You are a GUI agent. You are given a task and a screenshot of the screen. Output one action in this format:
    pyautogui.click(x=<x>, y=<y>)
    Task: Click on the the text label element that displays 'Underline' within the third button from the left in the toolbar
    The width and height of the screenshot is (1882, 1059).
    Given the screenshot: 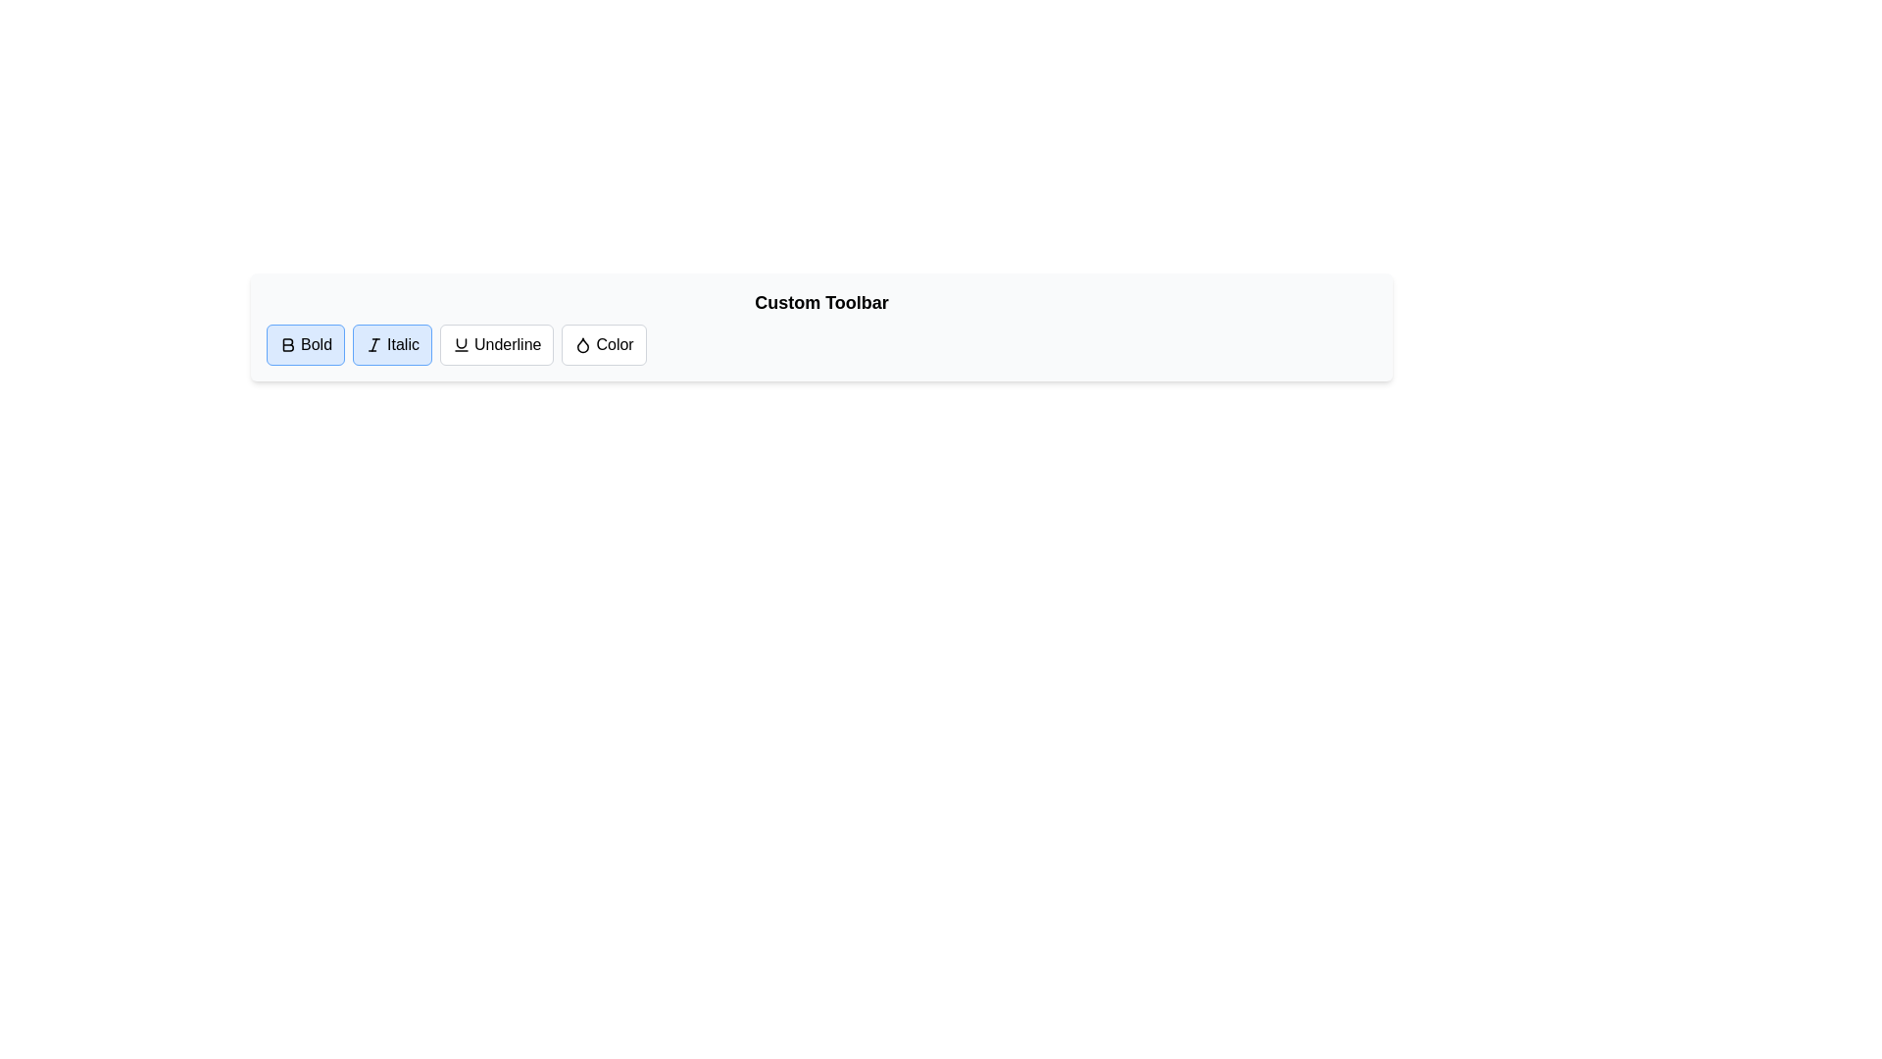 What is the action you would take?
    pyautogui.click(x=508, y=343)
    